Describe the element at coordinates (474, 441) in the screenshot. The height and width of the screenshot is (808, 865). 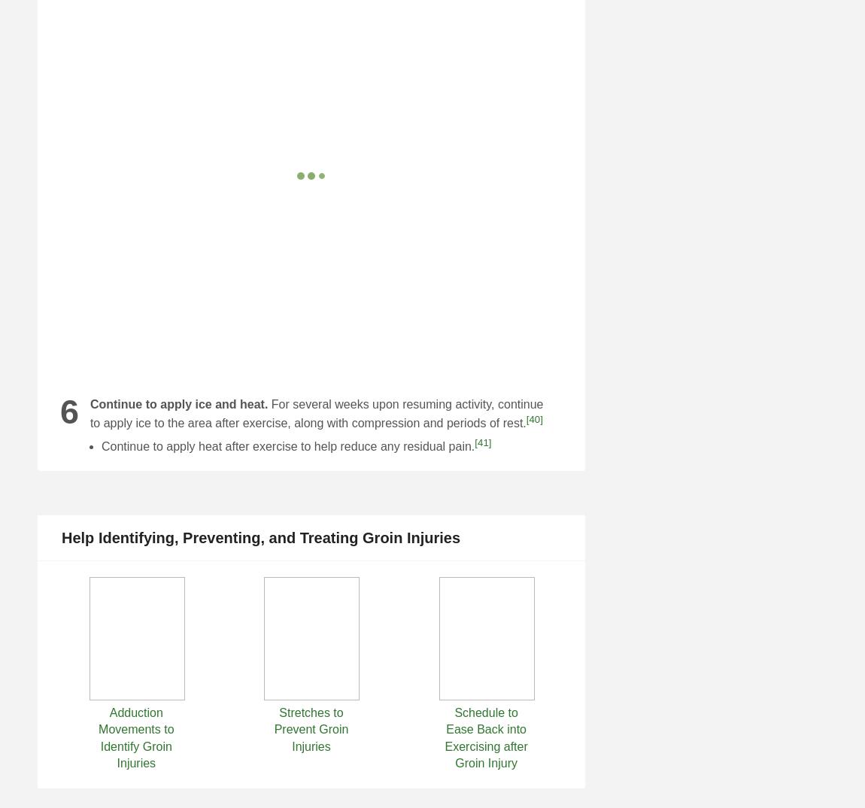
I see `'[41]'` at that location.